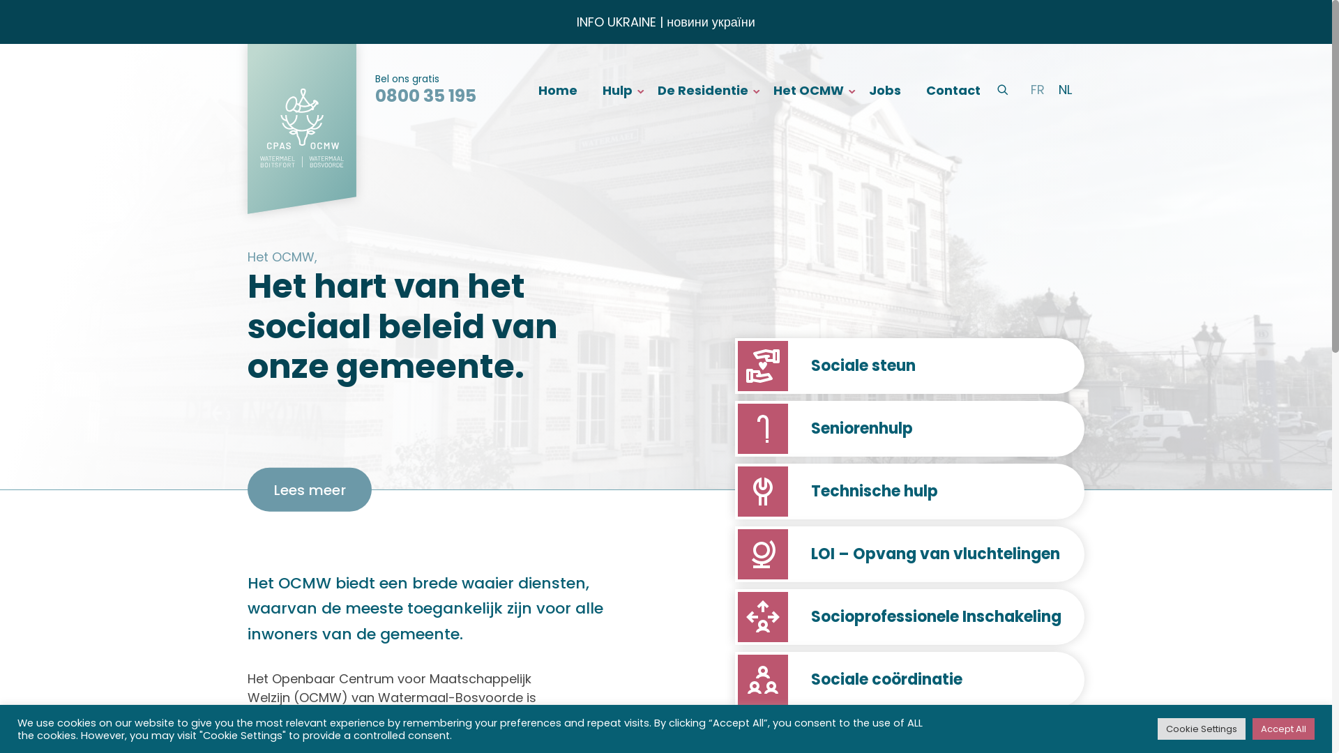  Describe the element at coordinates (909, 491) in the screenshot. I see `'Technische hulp'` at that location.